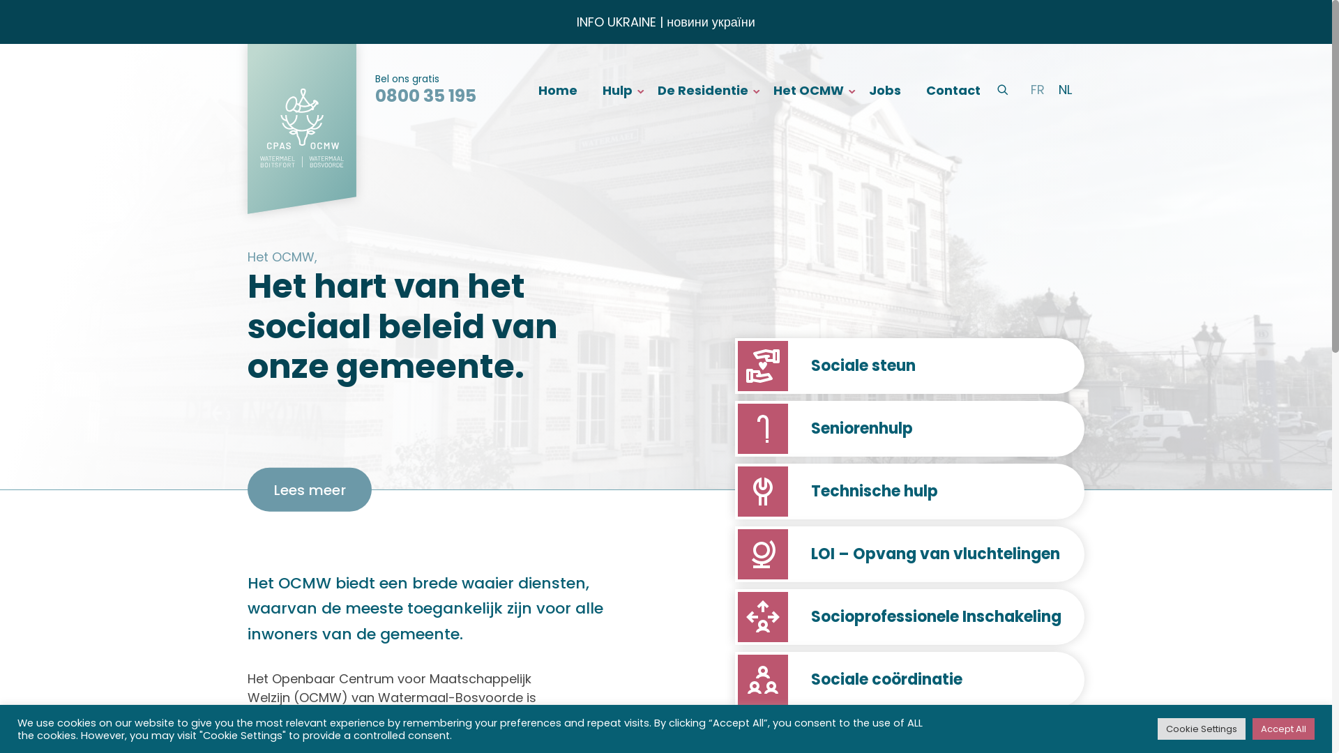  Describe the element at coordinates (909, 491) in the screenshot. I see `'Technische hulp'` at that location.